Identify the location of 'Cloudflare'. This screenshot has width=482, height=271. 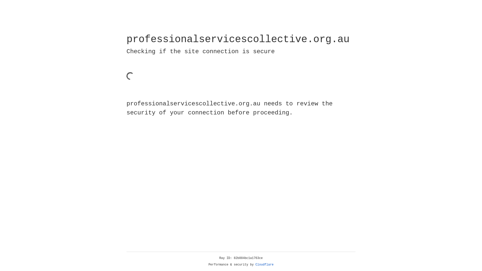
(264, 264).